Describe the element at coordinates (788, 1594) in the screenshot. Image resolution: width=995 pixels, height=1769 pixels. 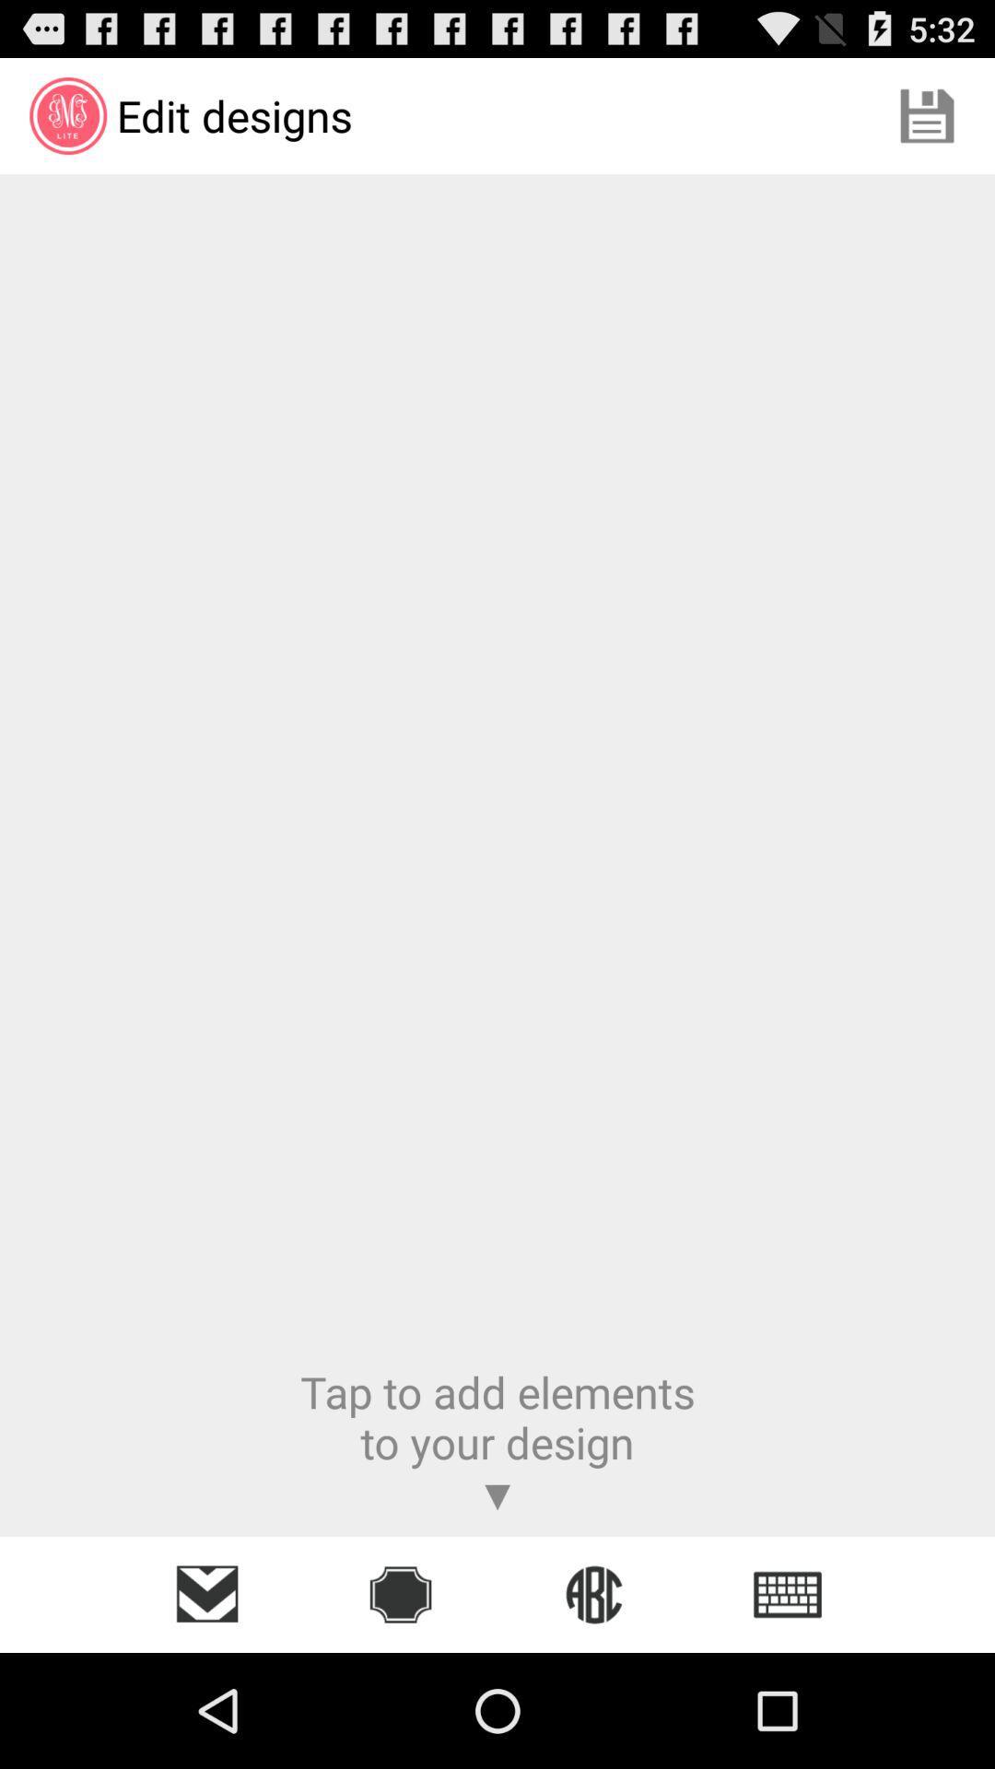
I see `the list icon` at that location.